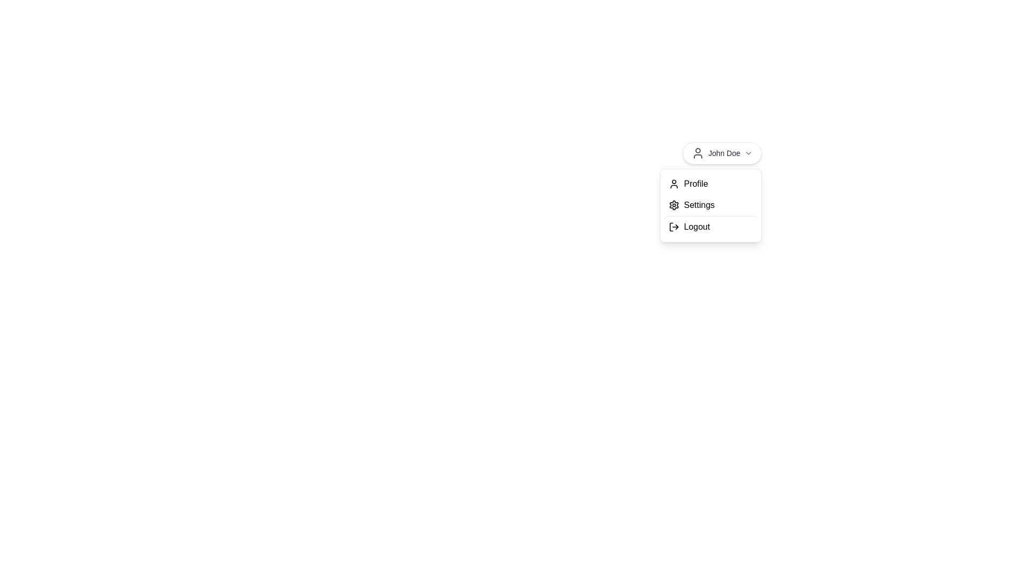 This screenshot has height=573, width=1020. Describe the element at coordinates (711, 205) in the screenshot. I see `the 'Settings' menu item in the dropdown menu` at that location.